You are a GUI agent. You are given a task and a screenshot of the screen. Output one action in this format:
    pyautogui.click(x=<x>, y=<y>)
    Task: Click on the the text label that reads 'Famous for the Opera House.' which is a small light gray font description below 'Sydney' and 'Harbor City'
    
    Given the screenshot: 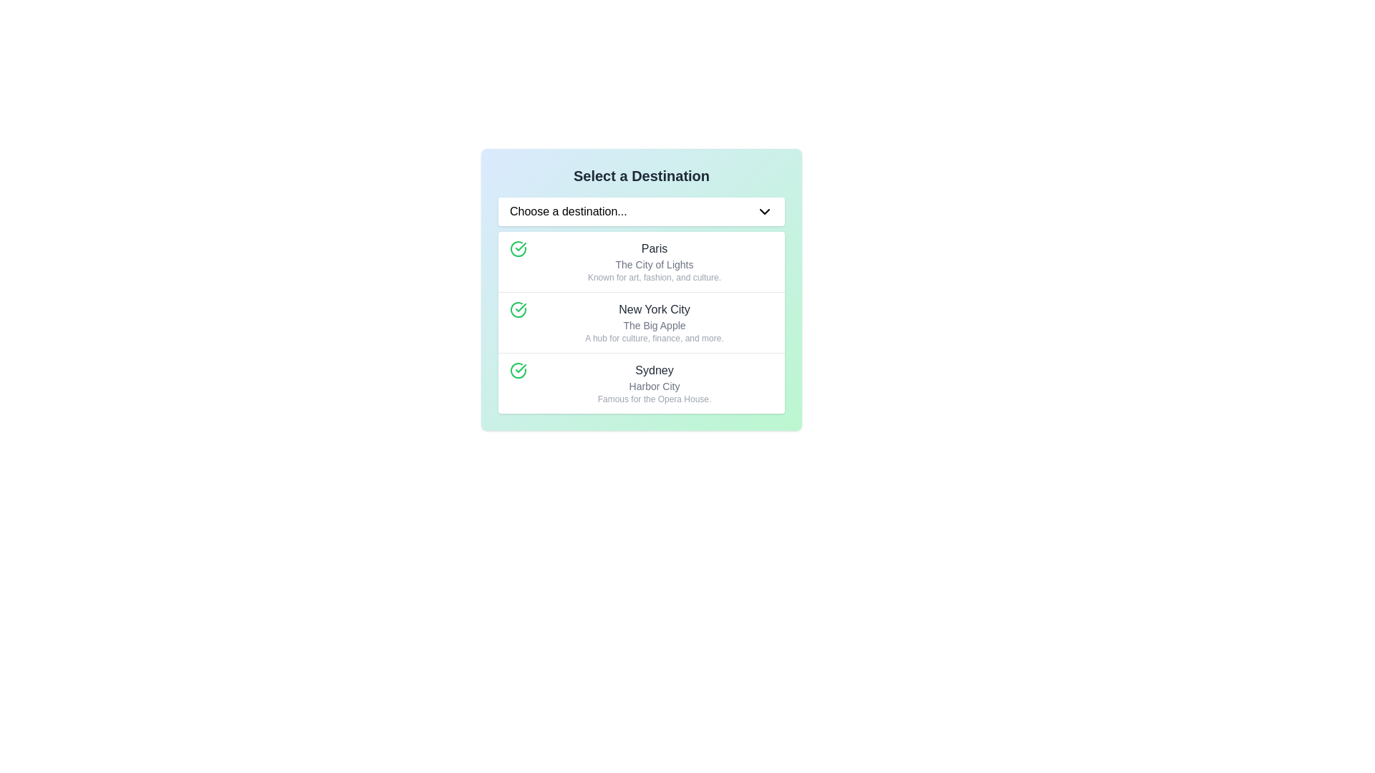 What is the action you would take?
    pyautogui.click(x=653, y=399)
    